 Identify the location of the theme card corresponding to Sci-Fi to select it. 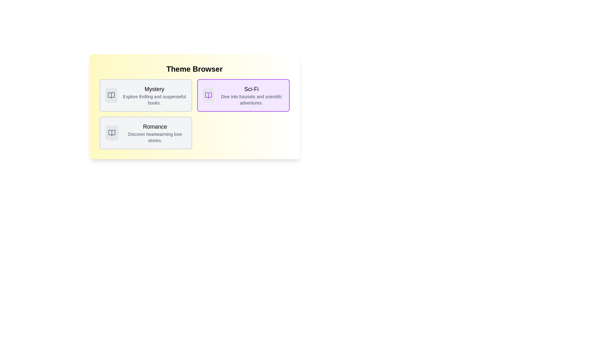
(243, 95).